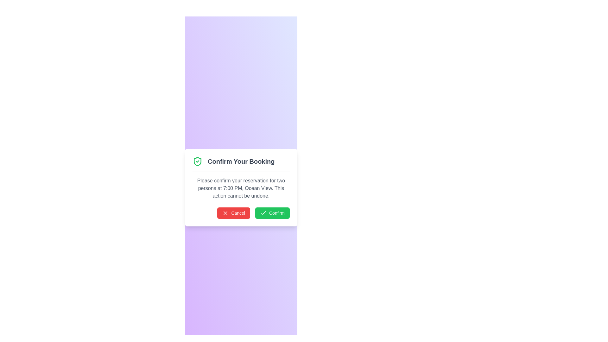 This screenshot has width=608, height=342. Describe the element at coordinates (277, 213) in the screenshot. I see `the 'Confirm' text within the green button located on the confirmation modal, which is the rightmost button at the bottom next to the red 'Cancel' button` at that location.